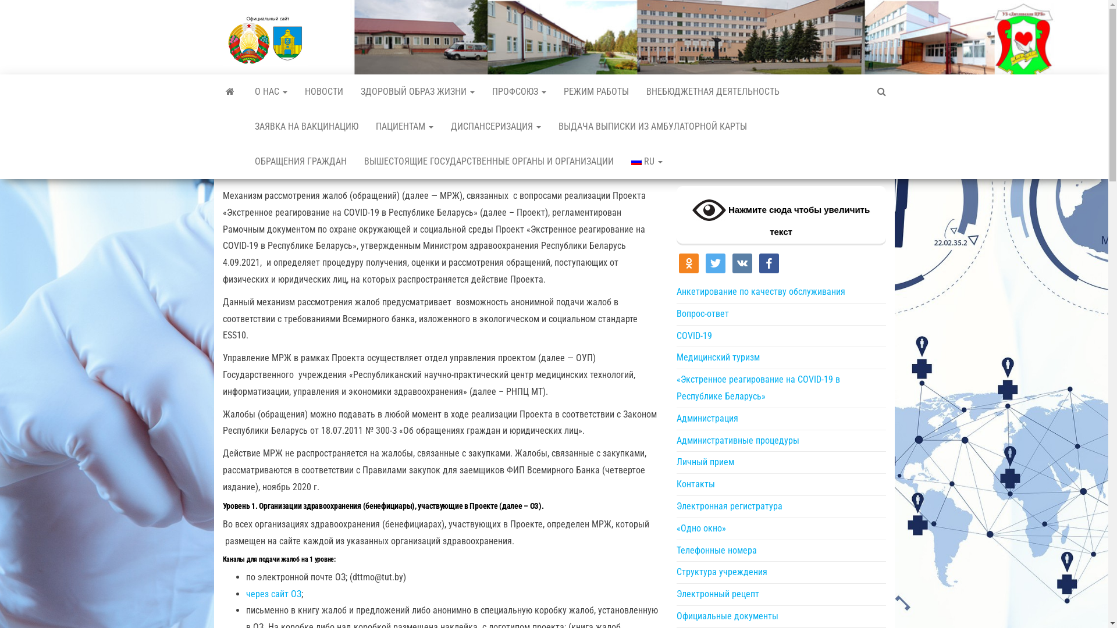  What do you see at coordinates (704, 262) in the screenshot?
I see `'twitter'` at bounding box center [704, 262].